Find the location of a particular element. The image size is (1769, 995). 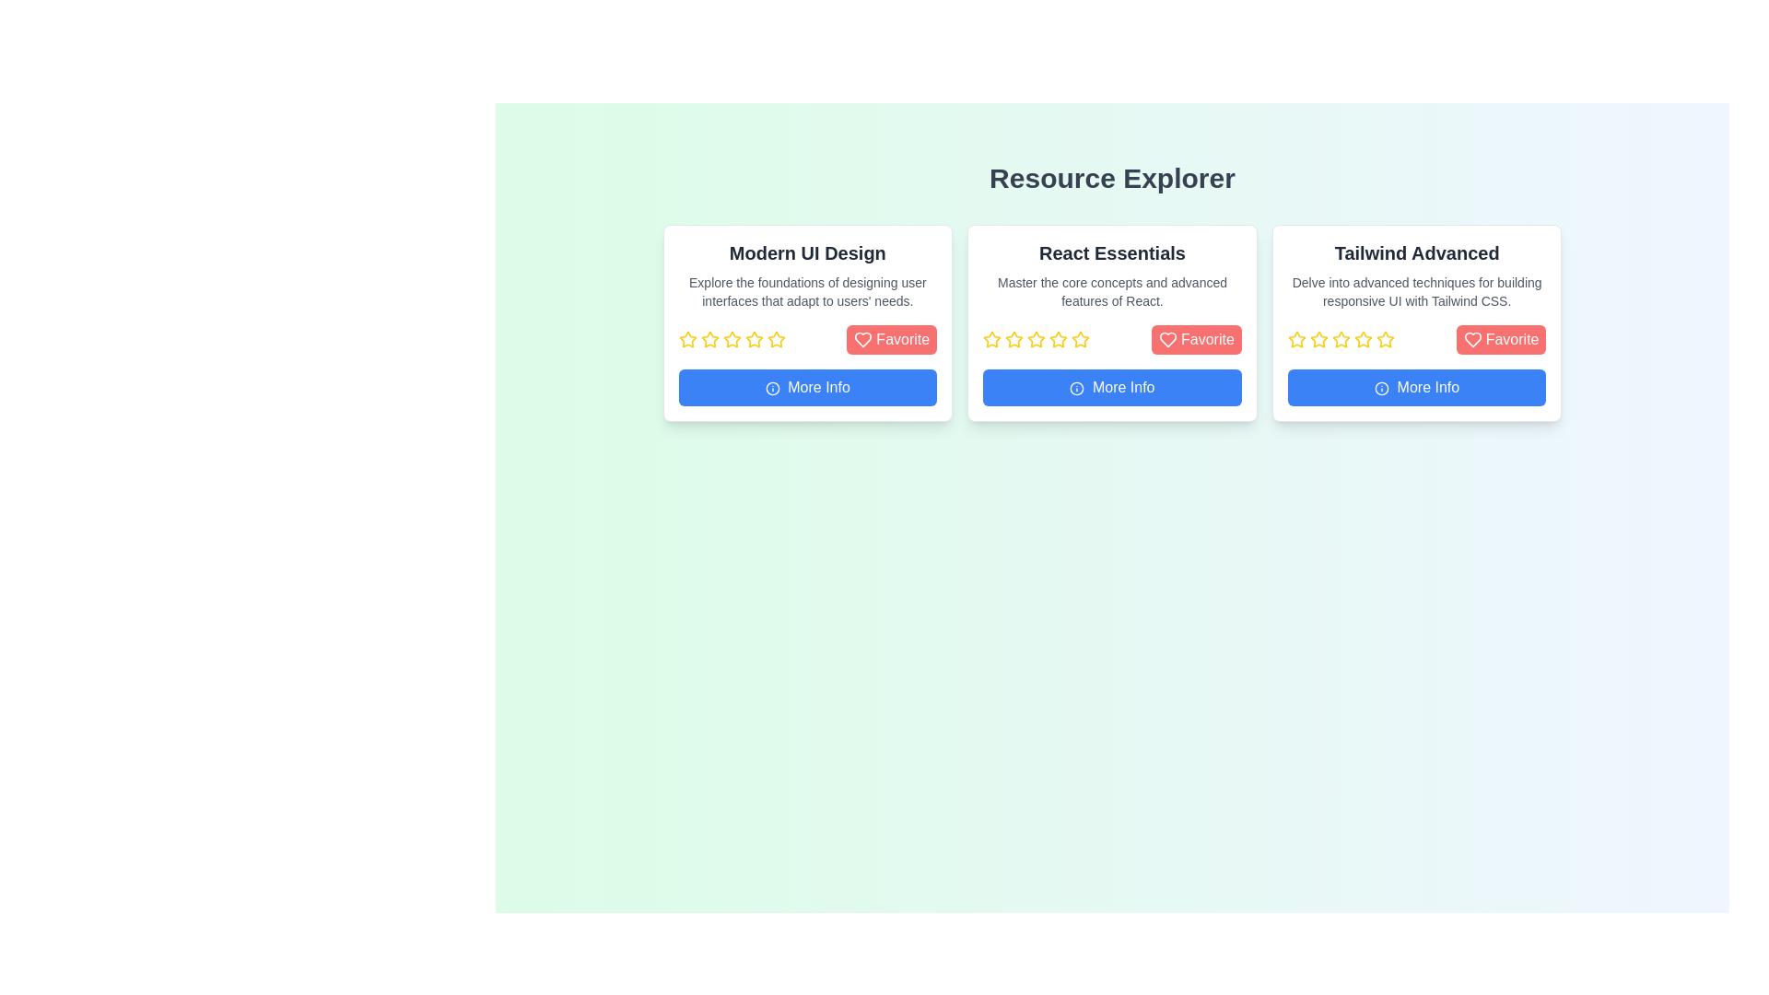

the heart-shaped icon with a red background and white border, located at the bottom right corner of the 'Modern UI Design' card to interact with the favorite functionality is located at coordinates (861, 340).